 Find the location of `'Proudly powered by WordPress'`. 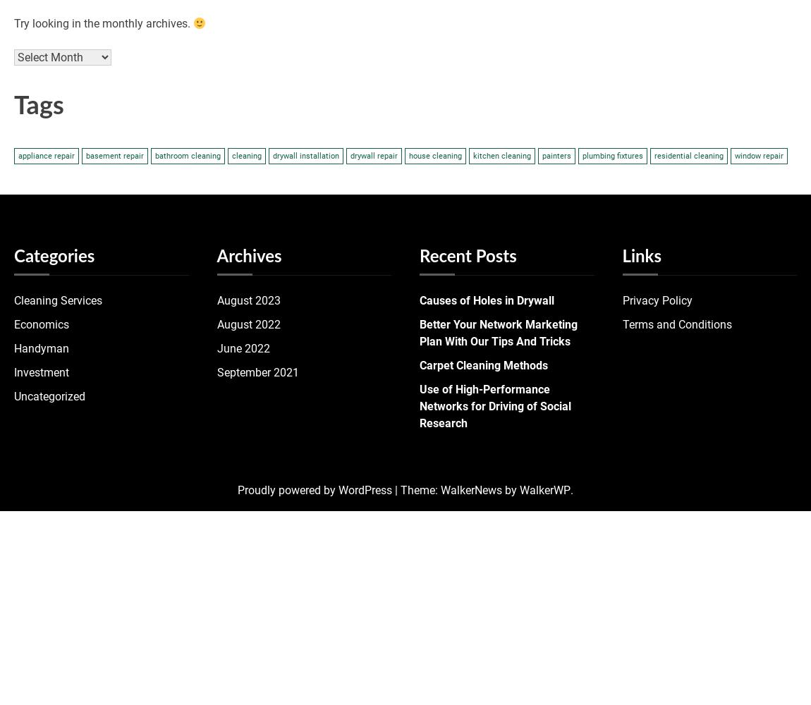

'Proudly powered by WordPress' is located at coordinates (315, 489).